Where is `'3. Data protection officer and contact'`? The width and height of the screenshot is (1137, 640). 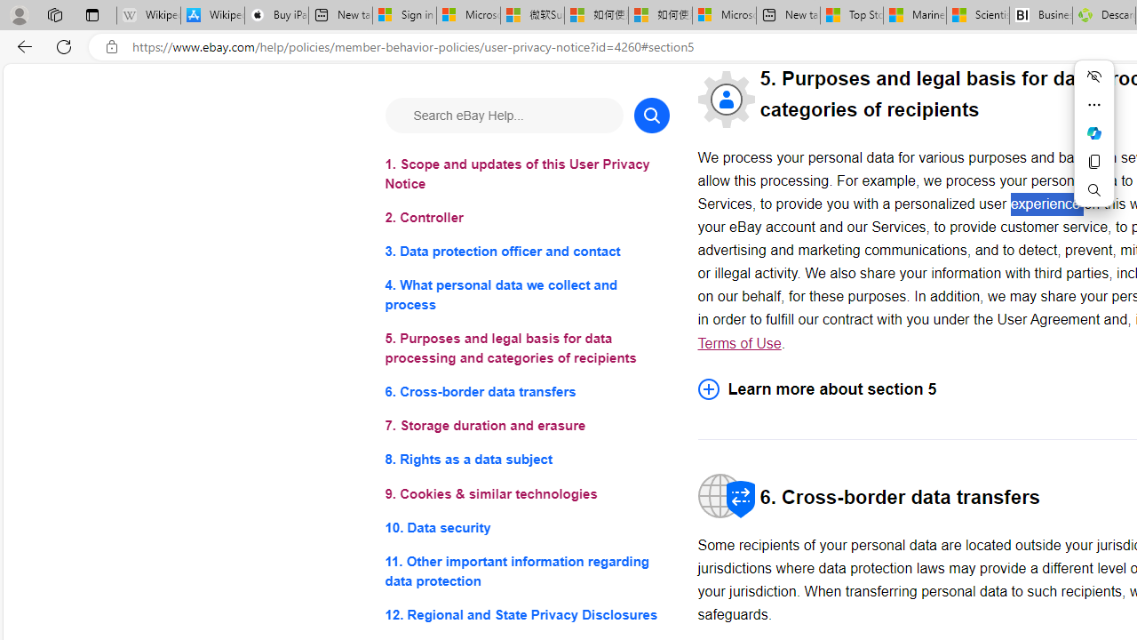
'3. Data protection officer and contact' is located at coordinates (526, 252).